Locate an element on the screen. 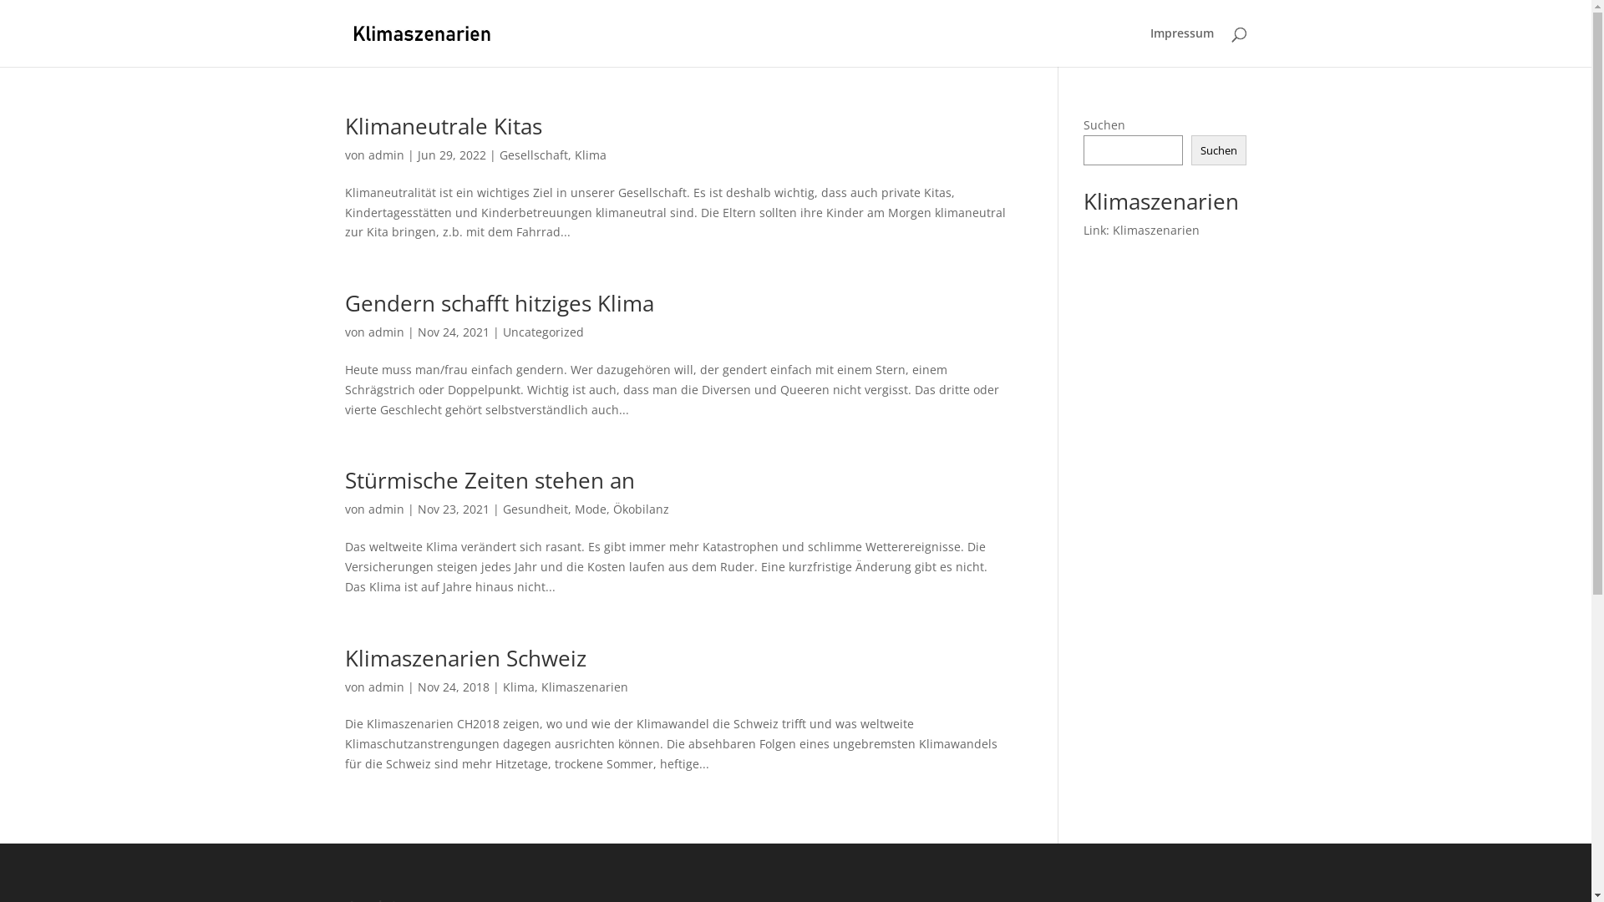  'Klimaszenarien' is located at coordinates (1155, 230).